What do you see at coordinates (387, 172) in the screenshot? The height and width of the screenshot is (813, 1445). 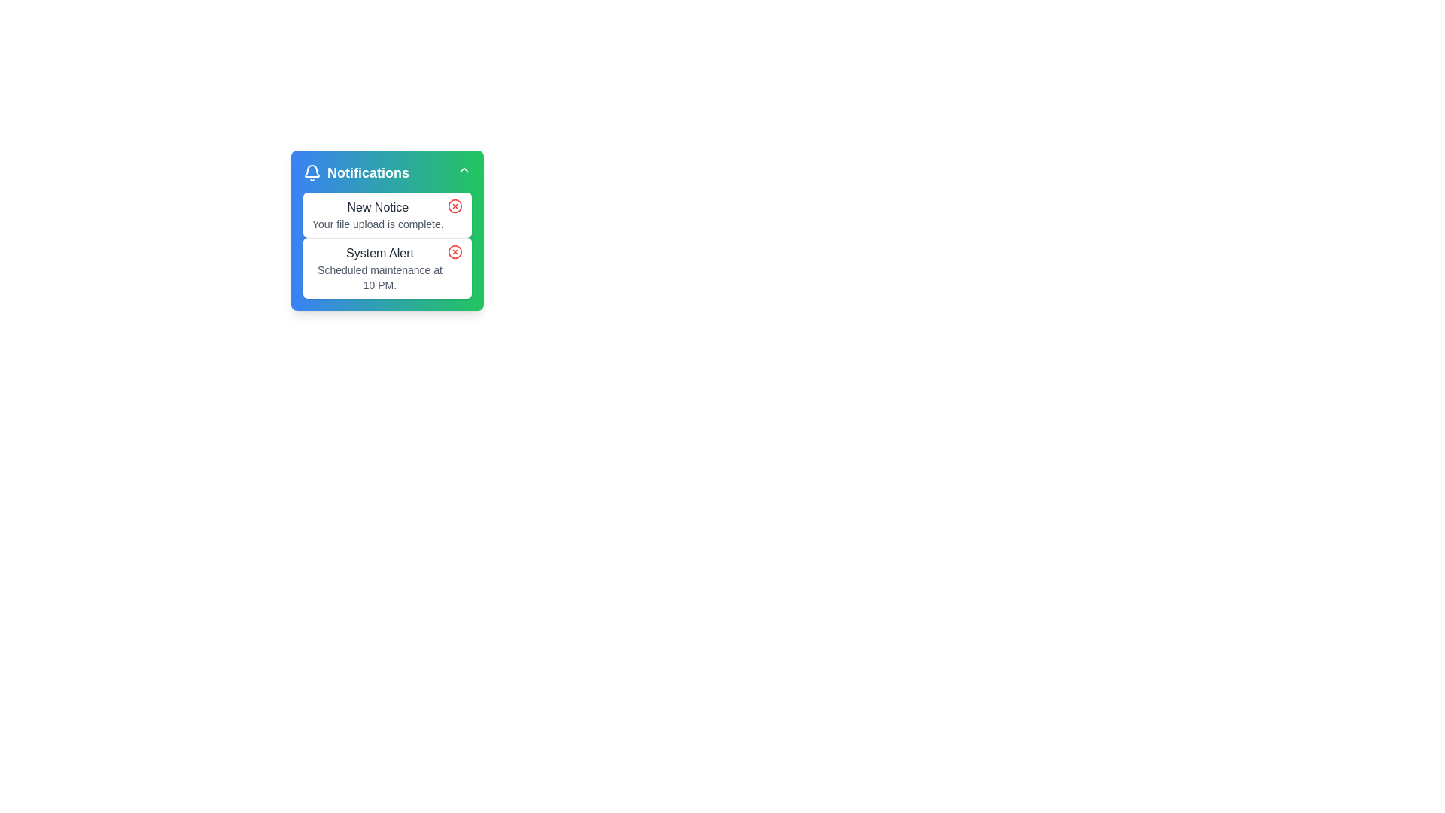 I see `the 'Notifications' header that features a bell icon on the left and an upward-facing arrow on the right` at bounding box center [387, 172].